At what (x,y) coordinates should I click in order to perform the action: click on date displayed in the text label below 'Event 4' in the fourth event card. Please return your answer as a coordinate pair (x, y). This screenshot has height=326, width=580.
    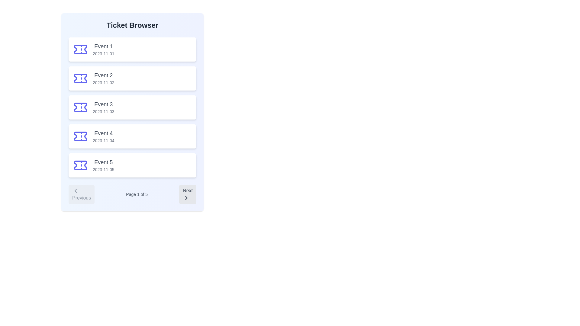
    Looking at the image, I should click on (103, 141).